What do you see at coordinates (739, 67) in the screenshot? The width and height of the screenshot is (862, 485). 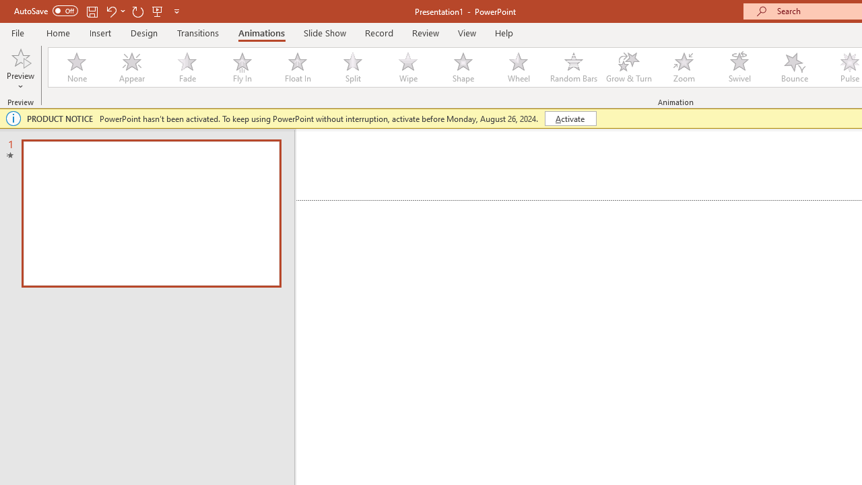 I see `'Swivel'` at bounding box center [739, 67].